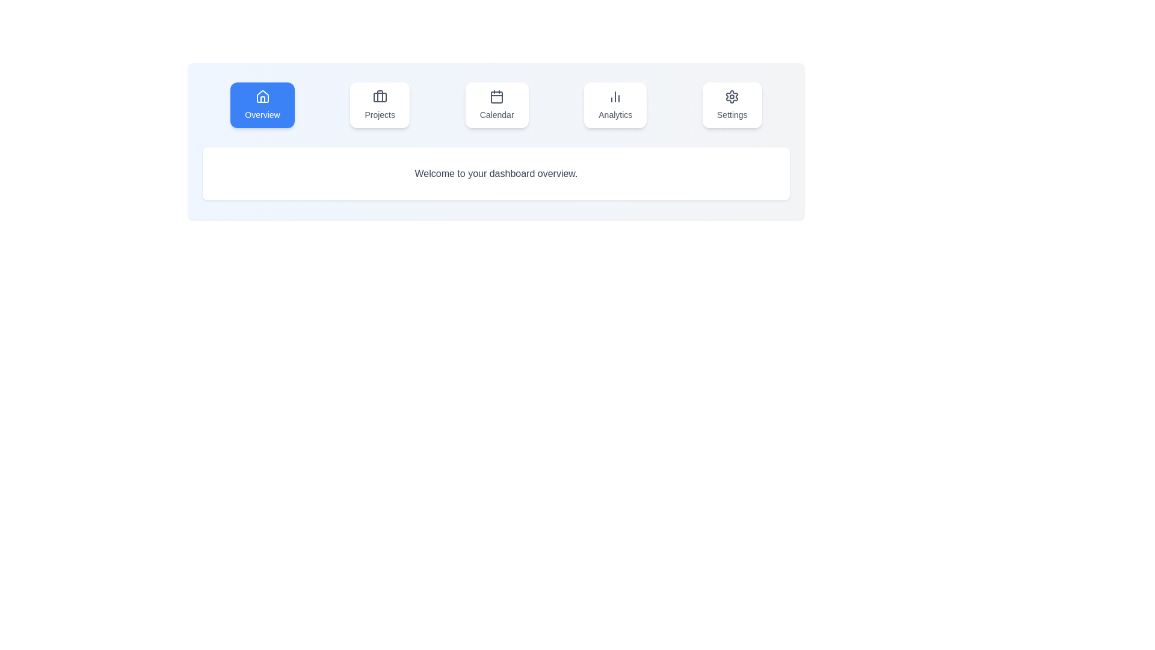 This screenshot has width=1155, height=650. Describe the element at coordinates (496, 104) in the screenshot. I see `keyboard navigation` at that location.